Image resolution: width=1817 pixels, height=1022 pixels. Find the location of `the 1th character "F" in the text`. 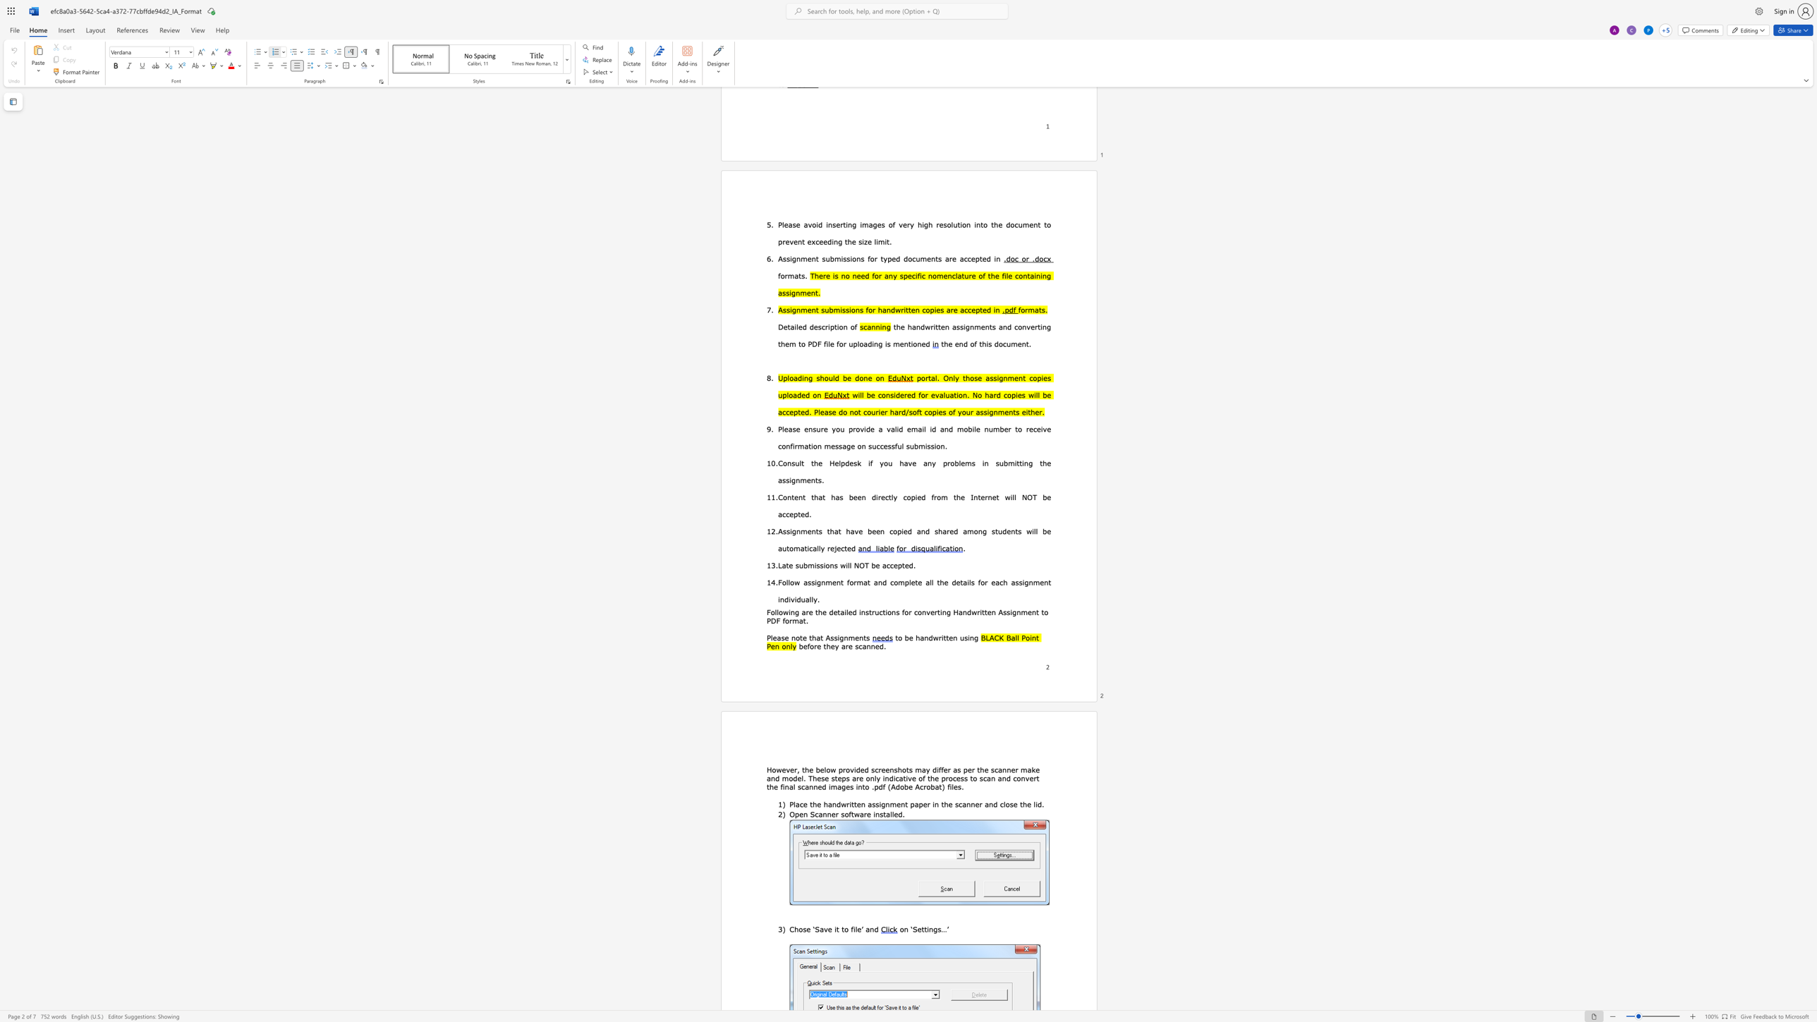

the 1th character "F" in the text is located at coordinates (768, 612).